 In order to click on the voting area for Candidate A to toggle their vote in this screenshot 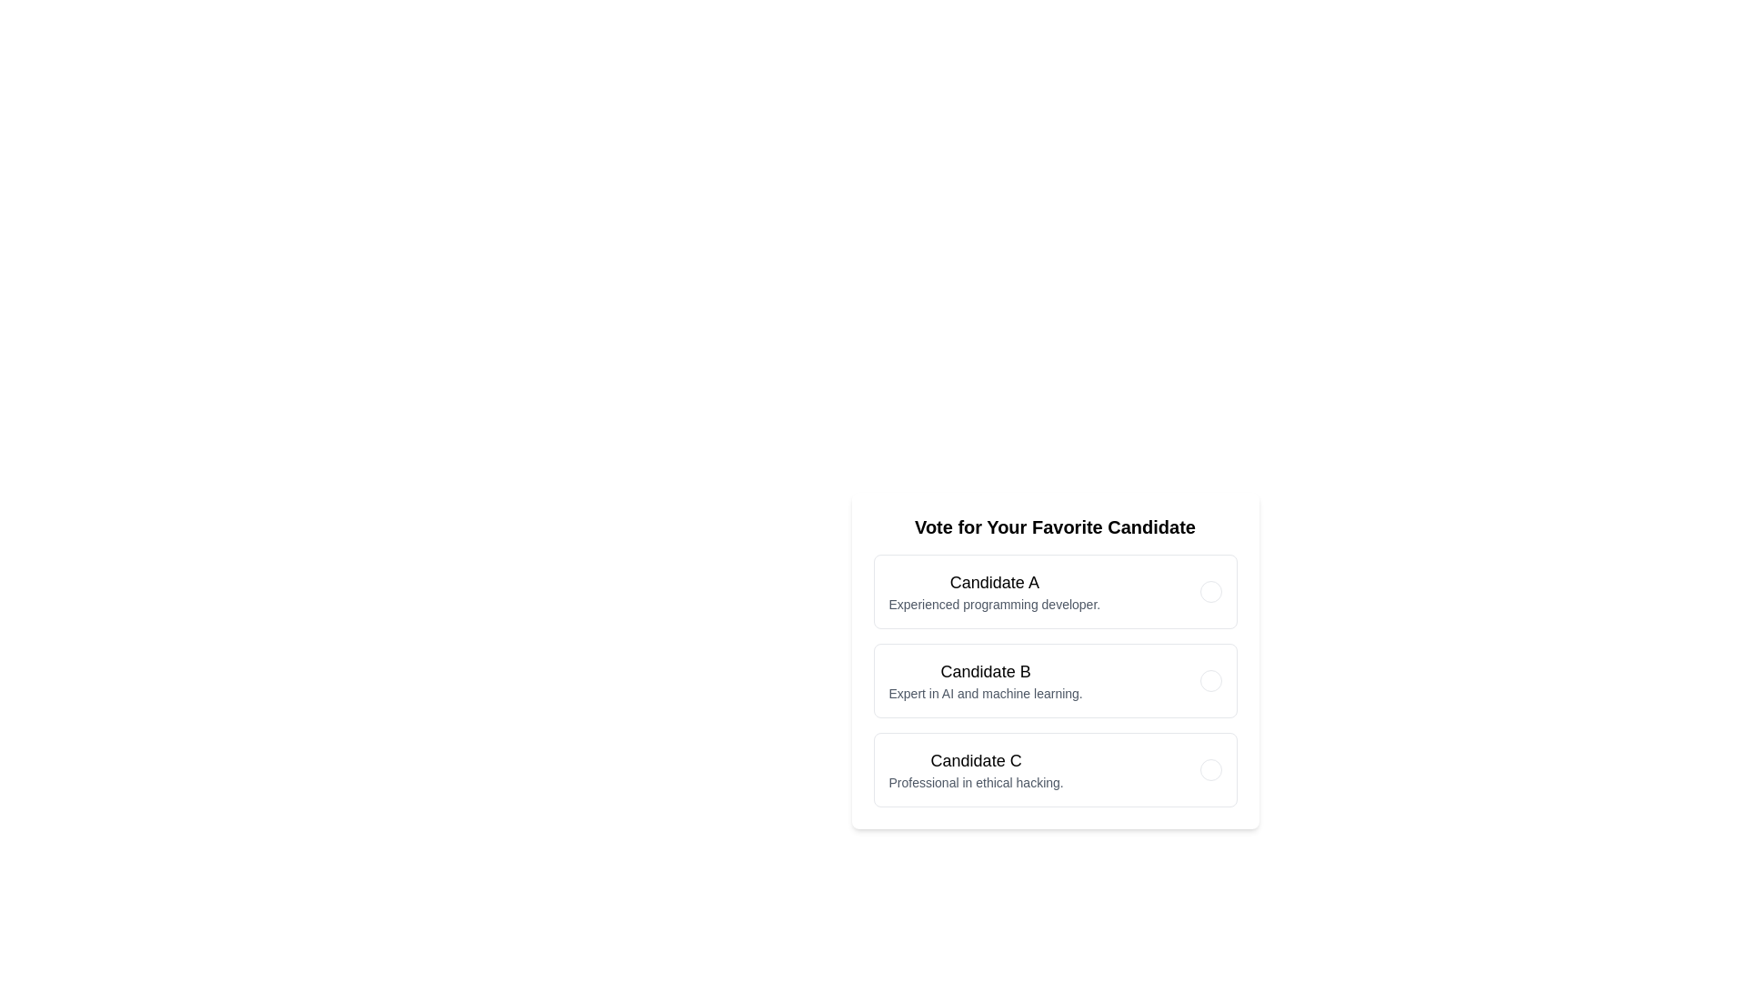, I will do `click(1055, 592)`.